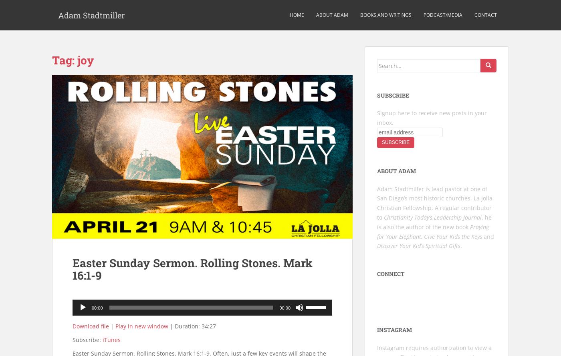 The image size is (561, 356). What do you see at coordinates (488, 236) in the screenshot?
I see `'and'` at bounding box center [488, 236].